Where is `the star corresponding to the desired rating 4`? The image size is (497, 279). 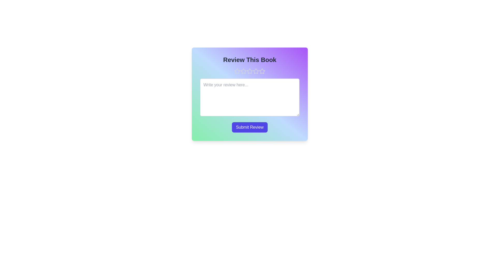 the star corresponding to the desired rating 4 is located at coordinates (256, 71).